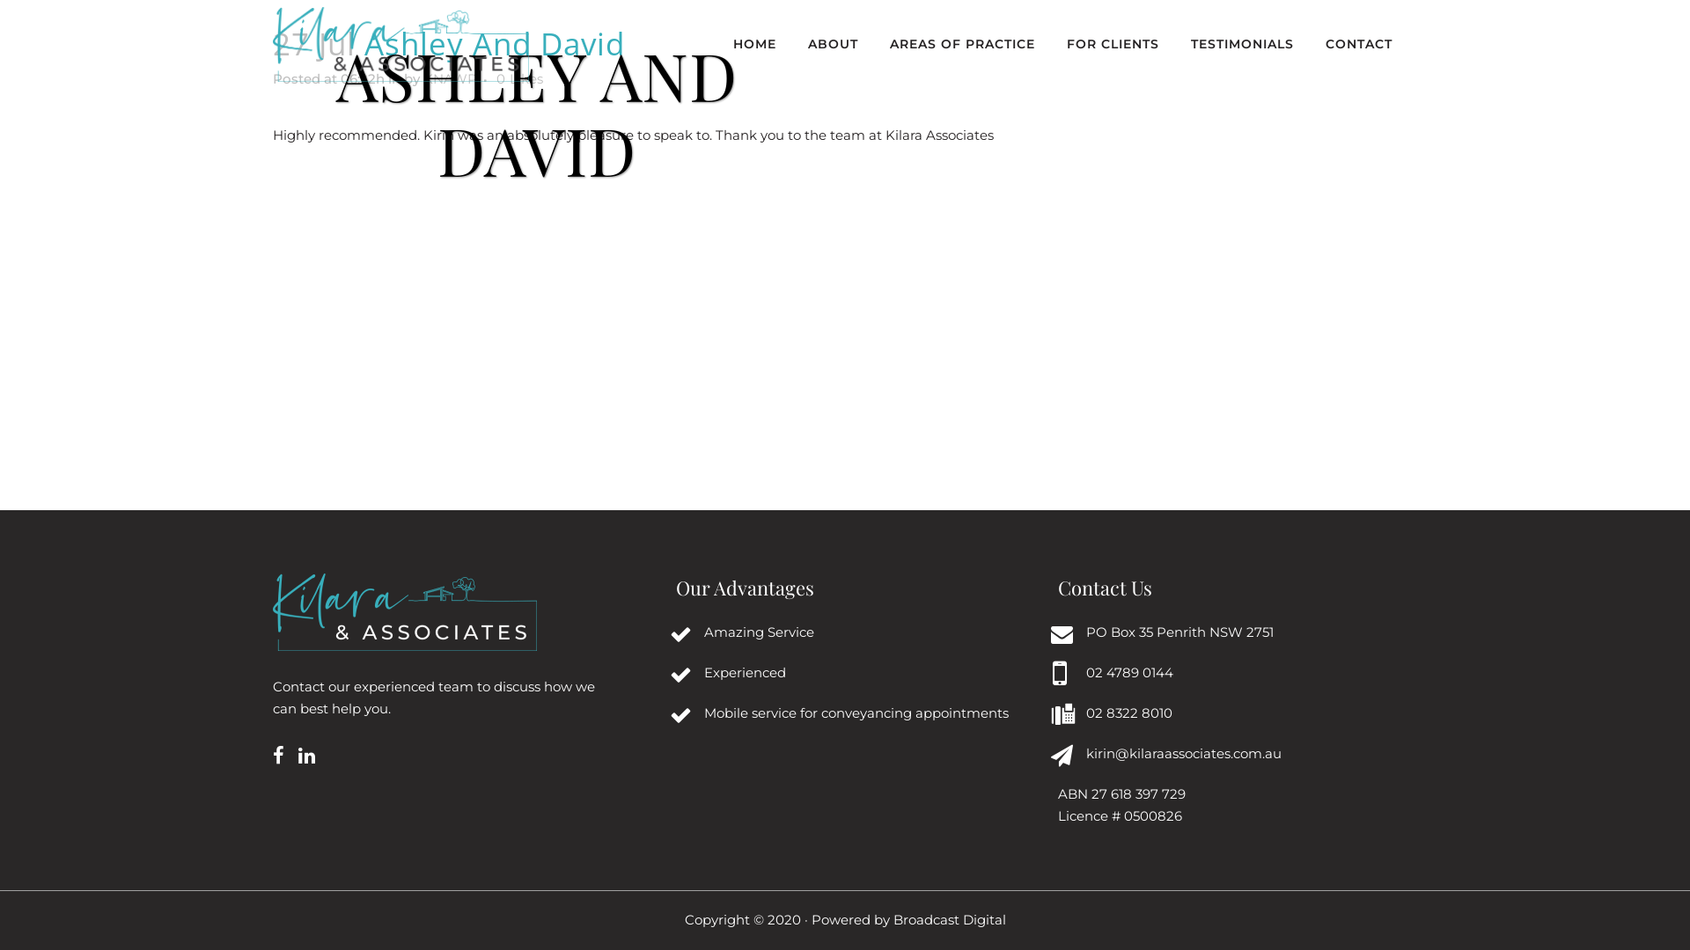 The width and height of the screenshot is (1690, 950). Describe the element at coordinates (754, 43) in the screenshot. I see `'HOME'` at that location.